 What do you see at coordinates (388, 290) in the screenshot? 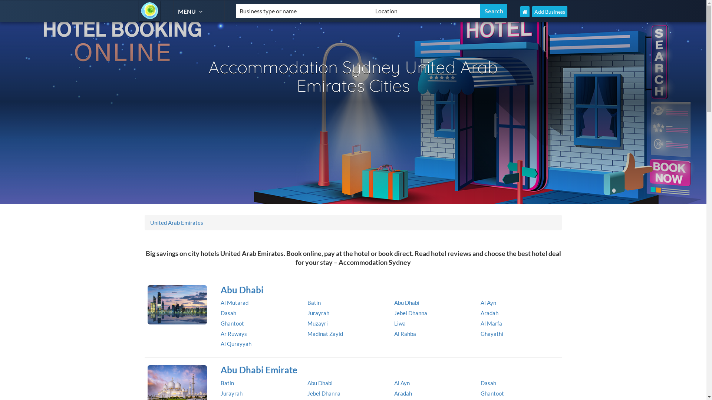
I see `'Abu Dhabi'` at bounding box center [388, 290].